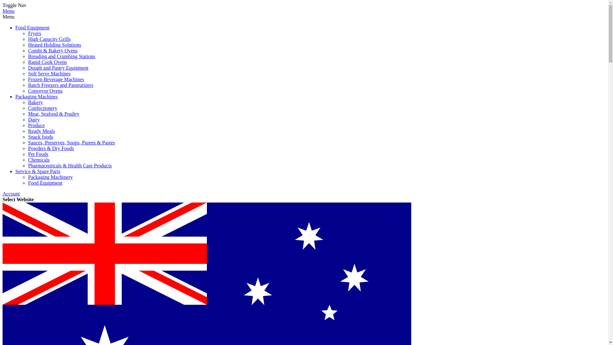 Image resolution: width=613 pixels, height=345 pixels. Describe the element at coordinates (15, 171) in the screenshot. I see `'Service & Spare Parts'` at that location.